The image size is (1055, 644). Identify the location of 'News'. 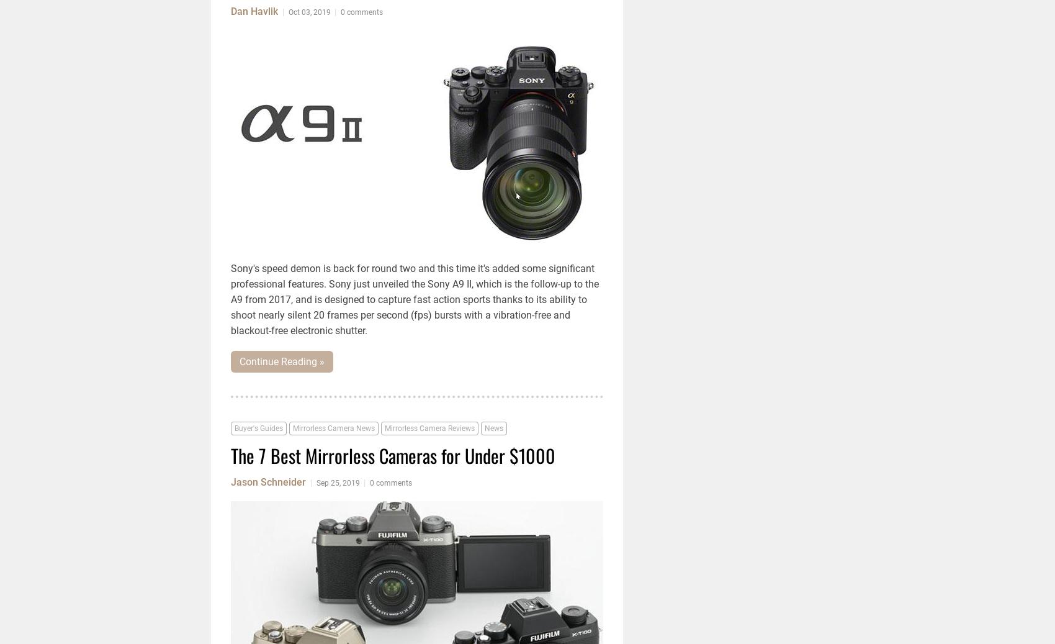
(493, 429).